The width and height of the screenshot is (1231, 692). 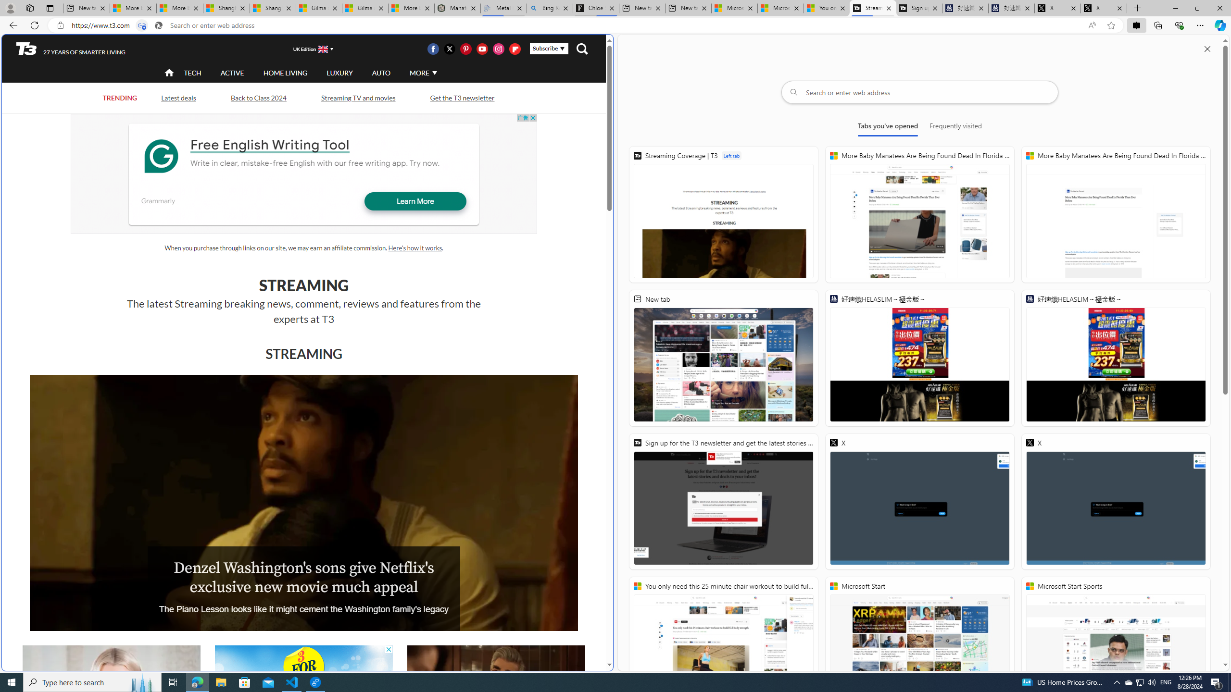 What do you see at coordinates (285, 72) in the screenshot?
I see `'HOME LIVING'` at bounding box center [285, 72].